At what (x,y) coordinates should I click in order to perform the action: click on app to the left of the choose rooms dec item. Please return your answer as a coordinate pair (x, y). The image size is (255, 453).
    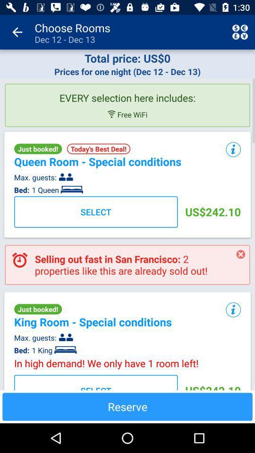
    Looking at the image, I should click on (17, 32).